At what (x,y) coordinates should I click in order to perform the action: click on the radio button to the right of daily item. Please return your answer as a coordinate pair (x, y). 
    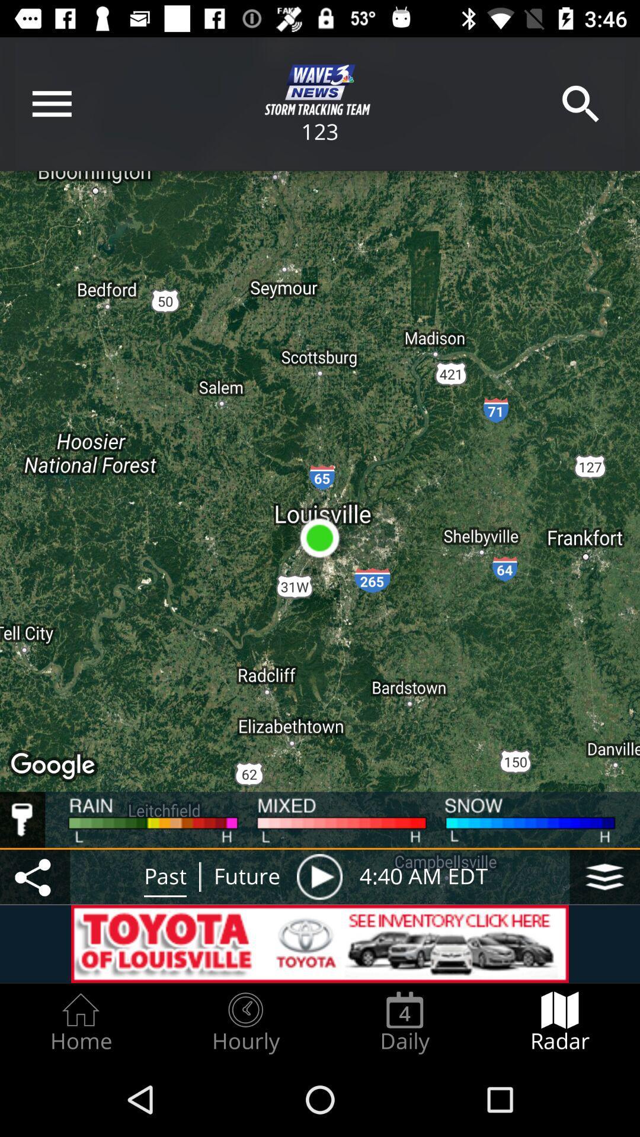
    Looking at the image, I should click on (560, 1022).